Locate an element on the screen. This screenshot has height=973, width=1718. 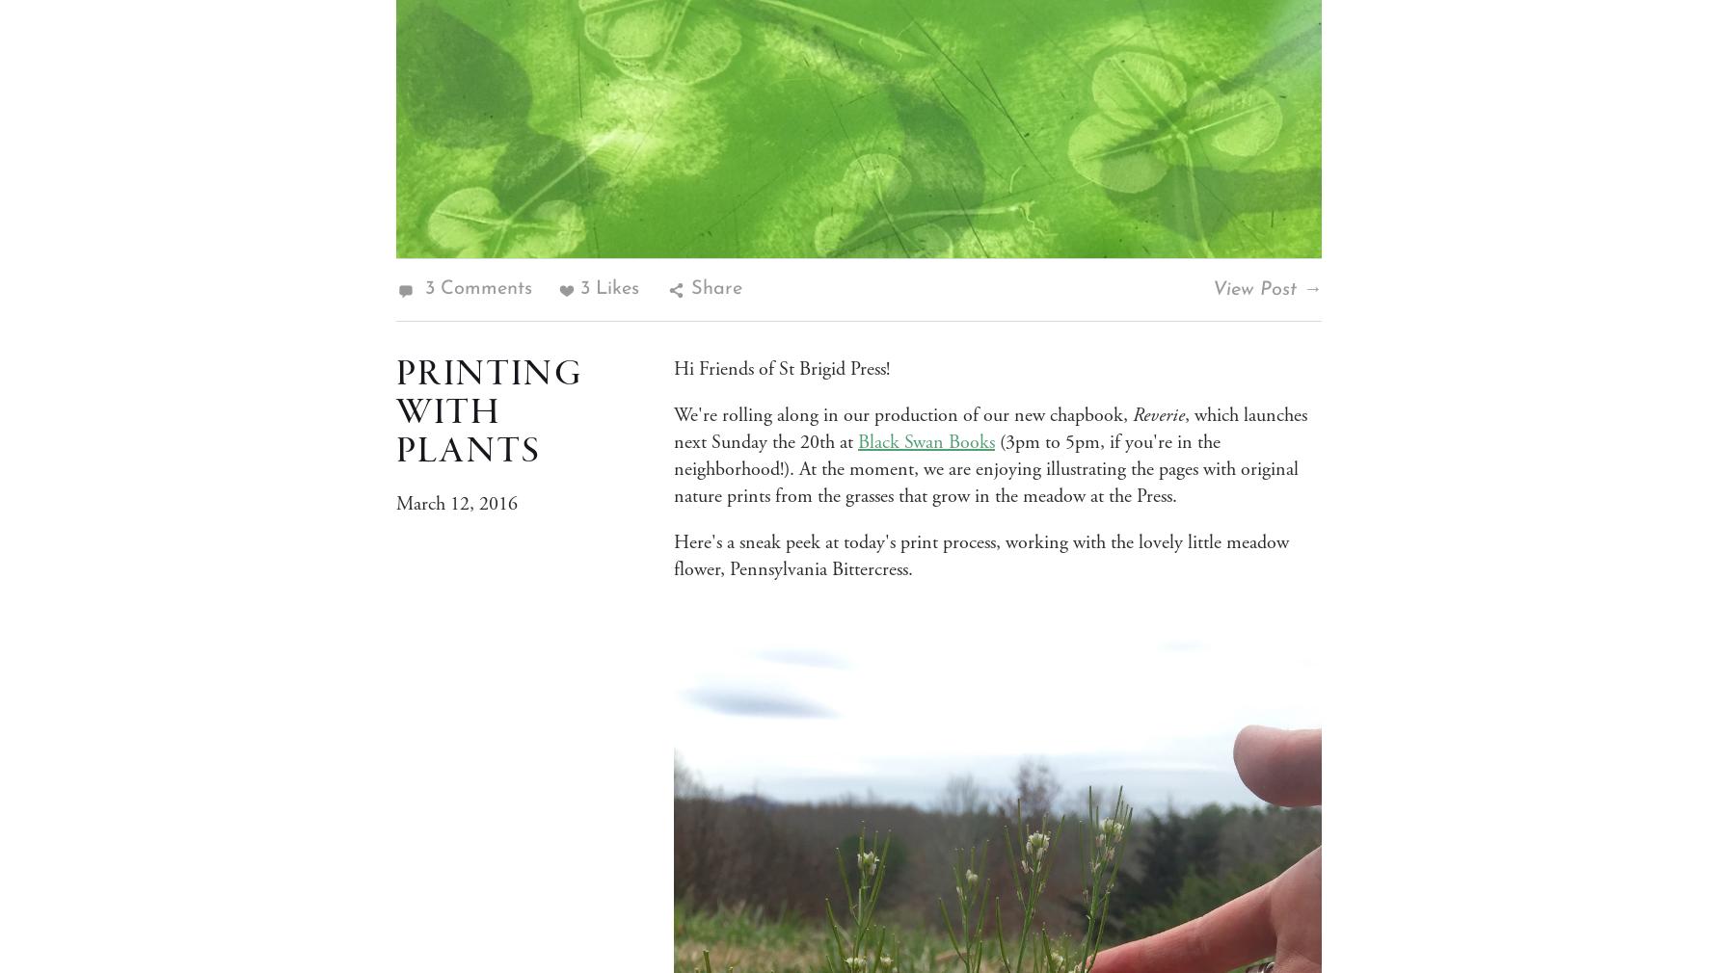
'Printing With Plants' is located at coordinates (395, 412).